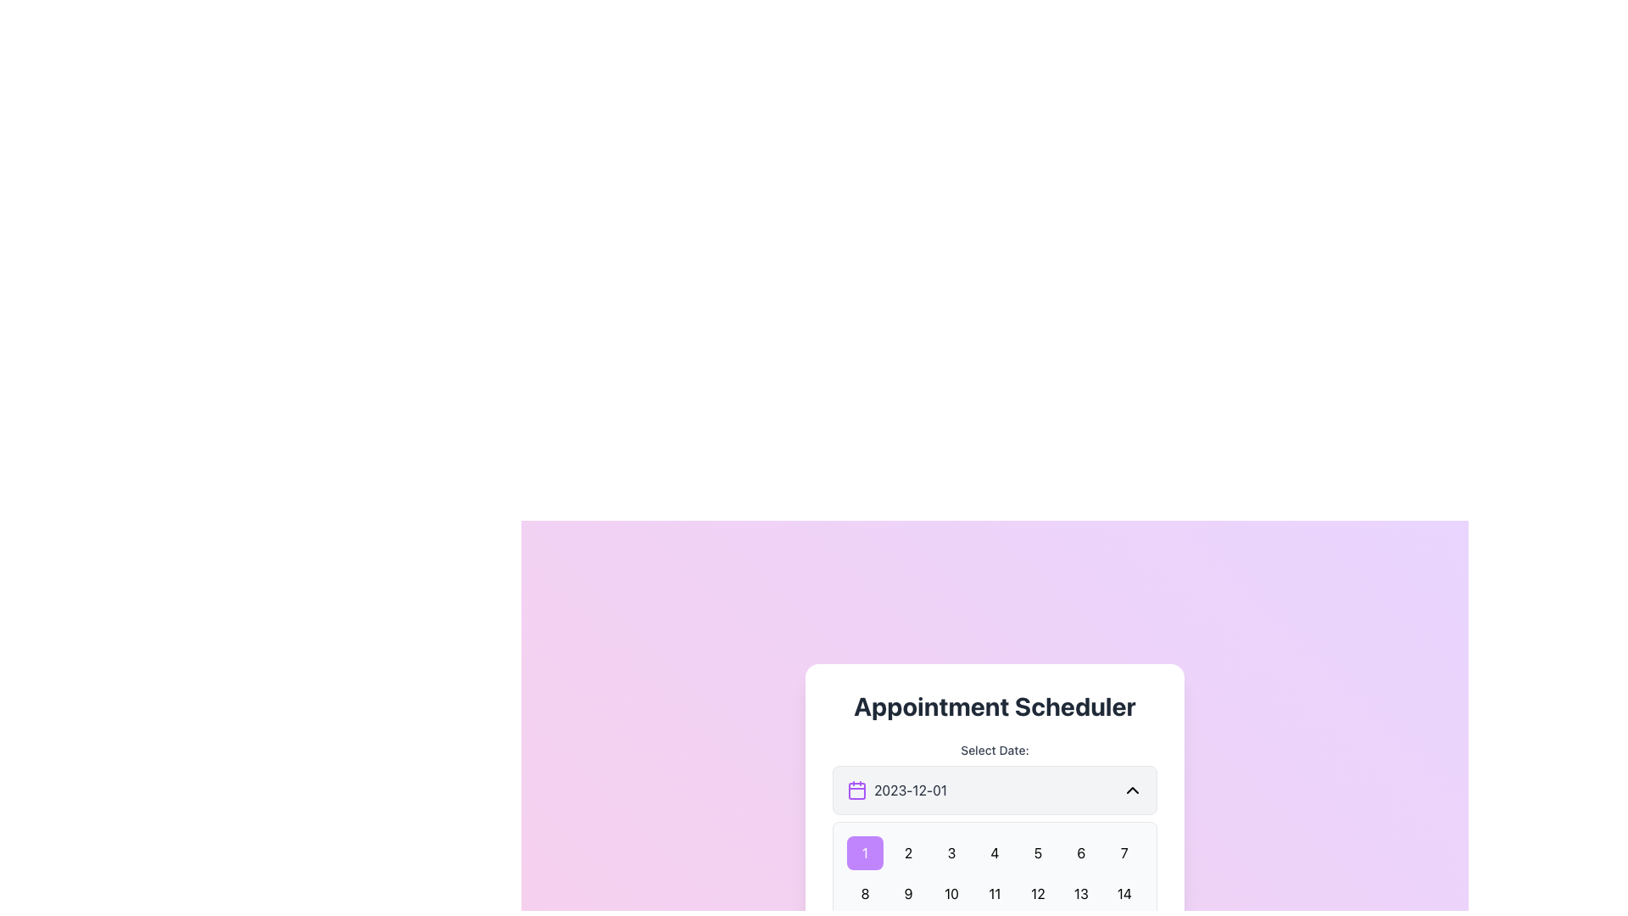  I want to click on the rectangular button with a rounded border labeled '4', so click(995, 853).